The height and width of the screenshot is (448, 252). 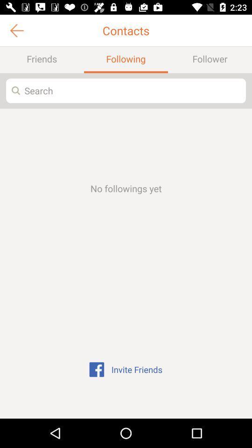 I want to click on search field, so click(x=126, y=91).